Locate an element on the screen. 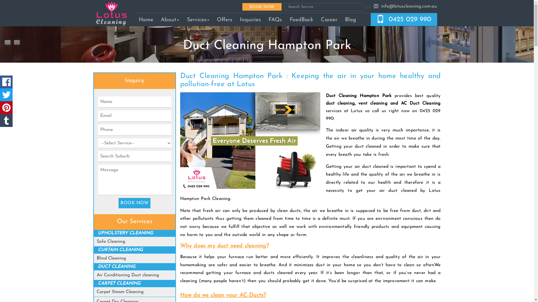 Image resolution: width=538 pixels, height=302 pixels. 'Home' is located at coordinates (146, 19).